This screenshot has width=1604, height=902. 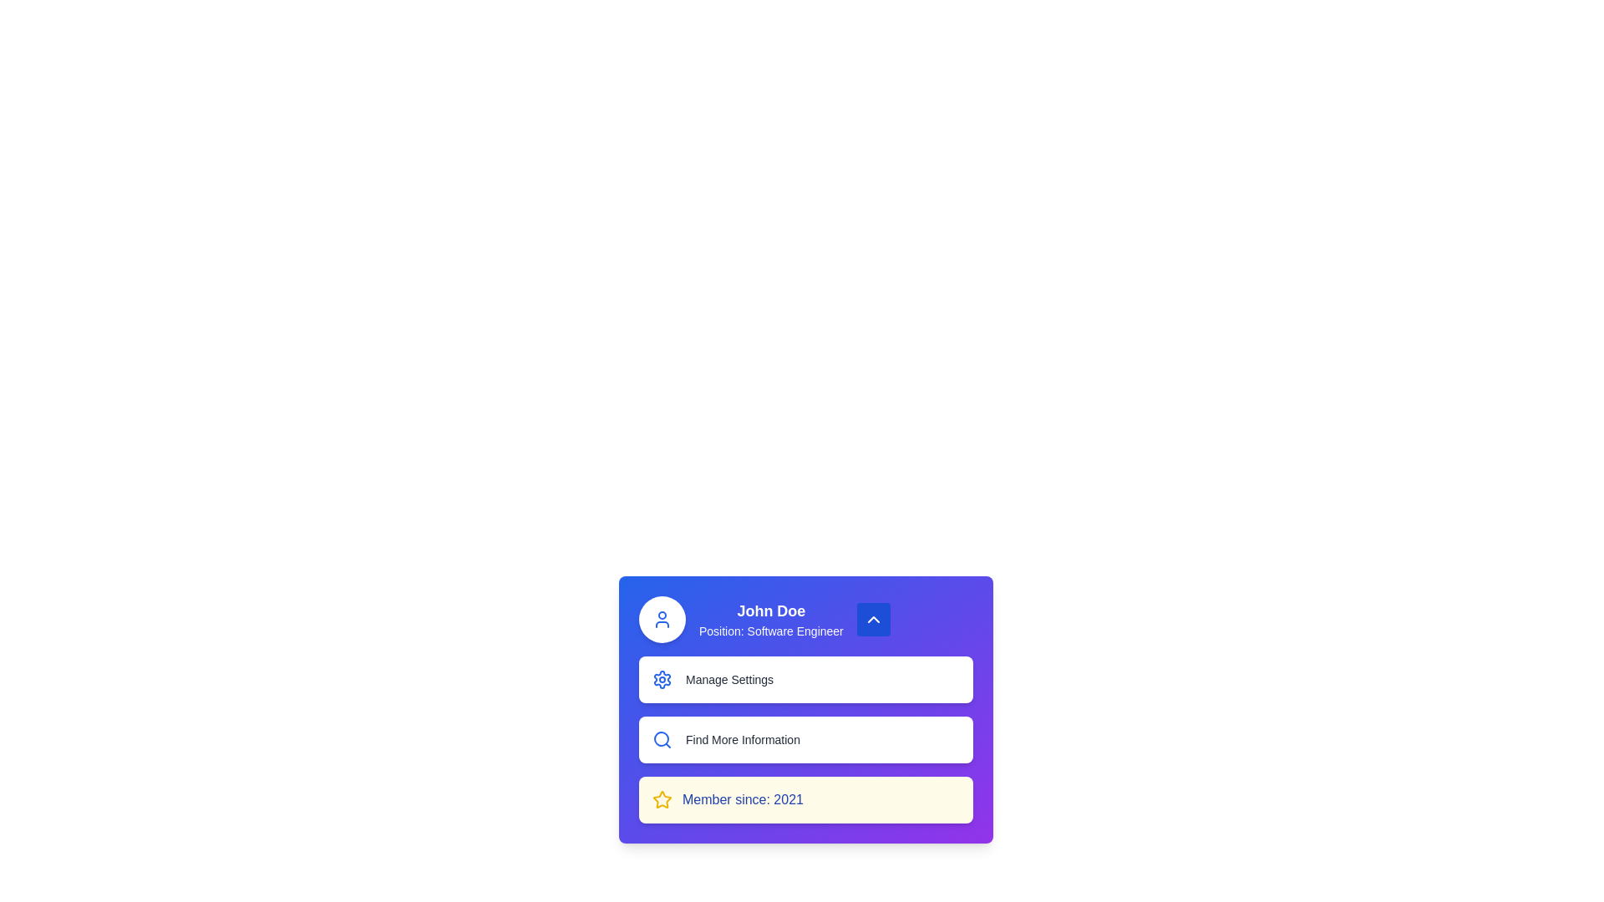 What do you see at coordinates (872, 619) in the screenshot?
I see `the blue, round-cornered button with an upward-pointing chevron icon` at bounding box center [872, 619].